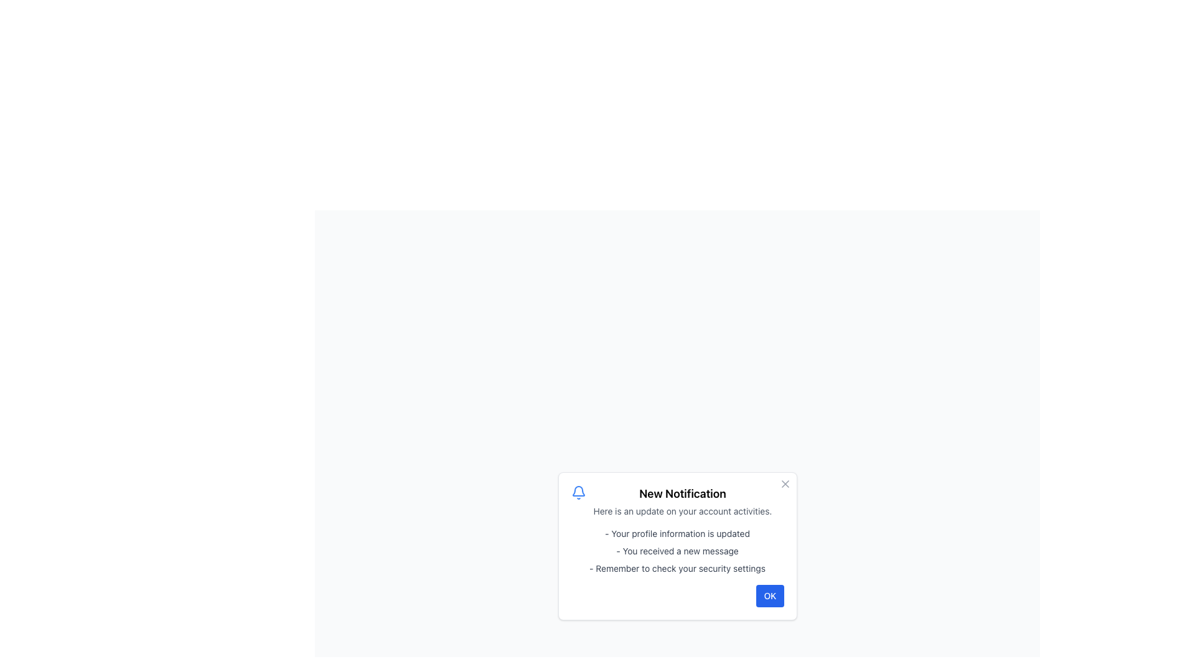 Image resolution: width=1195 pixels, height=672 pixels. I want to click on notification content from the 'New Notification' text block located at the top of the notification dialog box, so click(682, 501).